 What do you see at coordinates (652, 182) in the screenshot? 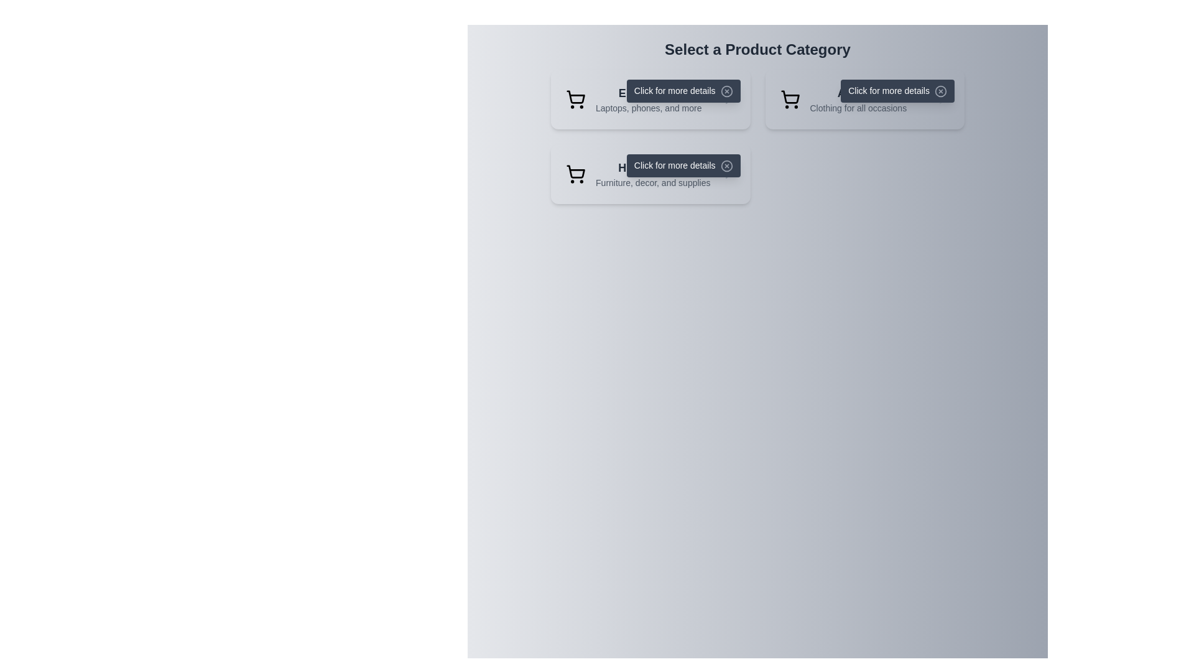
I see `the text label that reads 'Furniture, decor, and supplies', which is styled in a smaller gray font and positioned directly below the 'Home Goods' title` at bounding box center [652, 182].